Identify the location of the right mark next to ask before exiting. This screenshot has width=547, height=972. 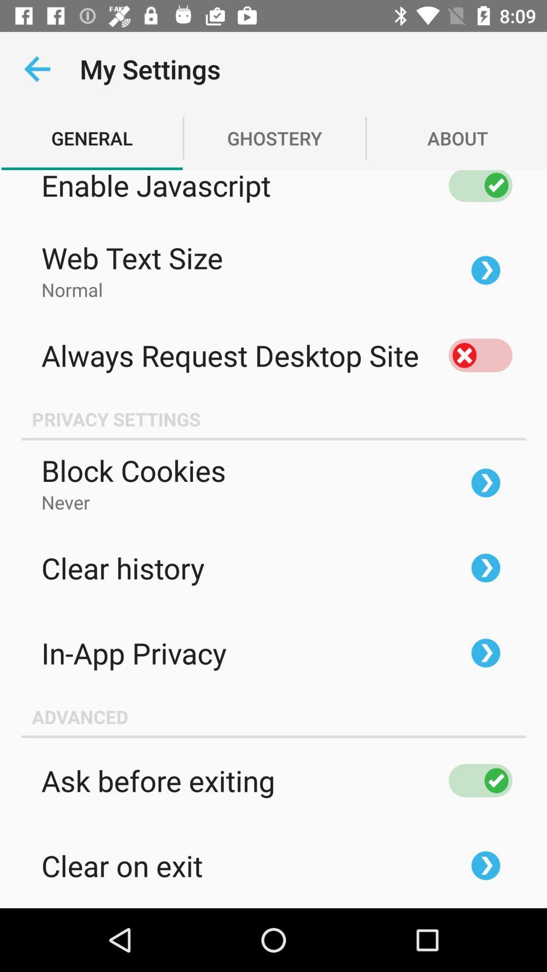
(480, 780).